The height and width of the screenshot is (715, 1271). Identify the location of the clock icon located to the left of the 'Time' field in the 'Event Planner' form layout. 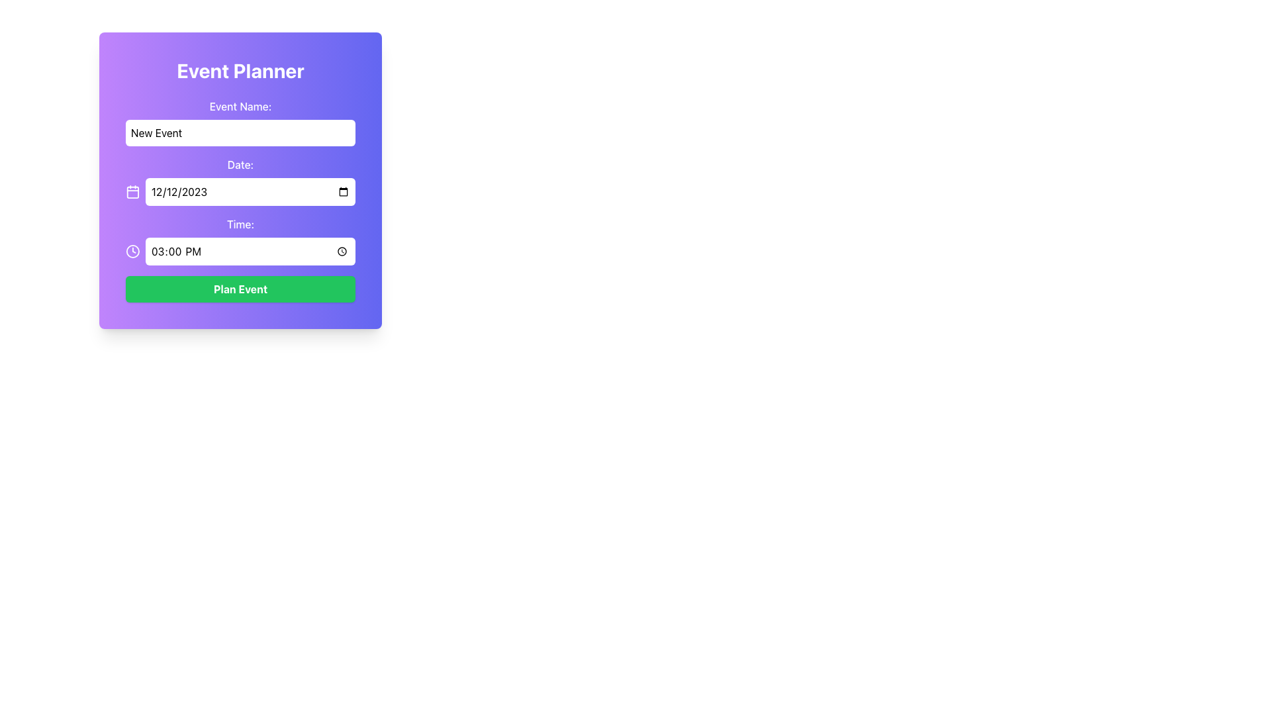
(132, 252).